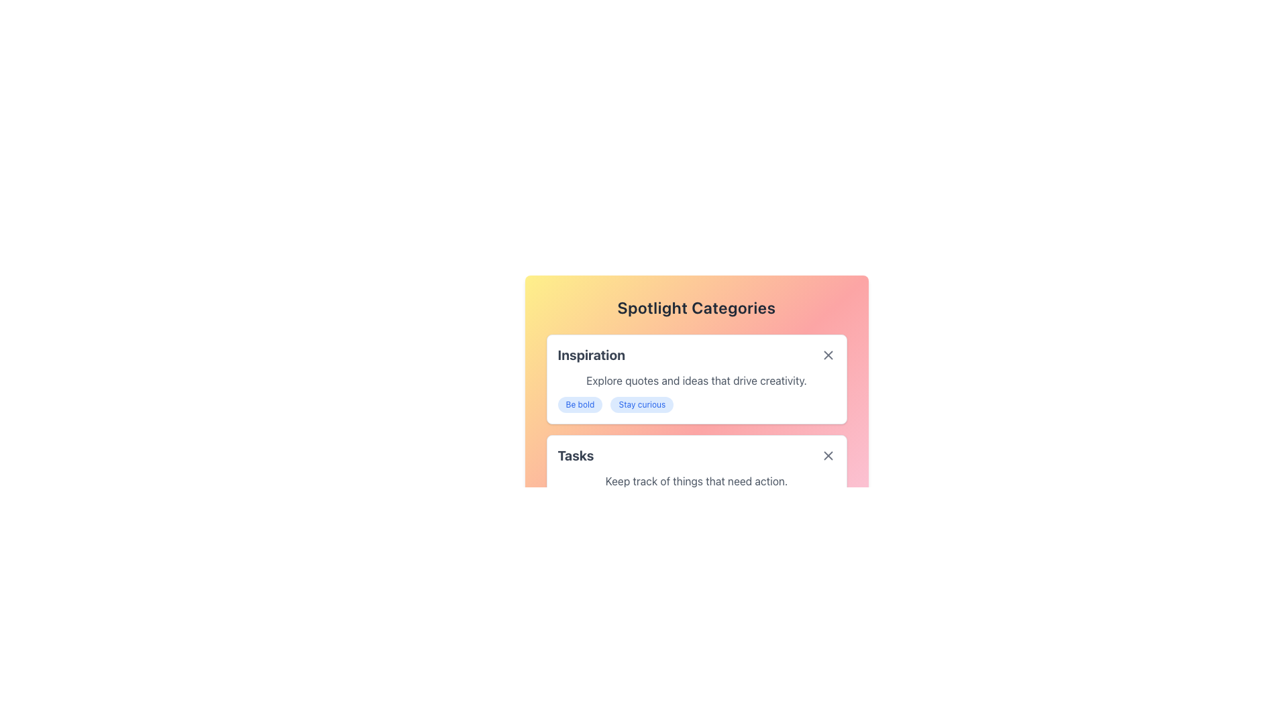 The width and height of the screenshot is (1288, 724). I want to click on the Text Label that provides an explanatory or supportive description for the tasks section, located below the title 'Tasks', so click(696, 480).